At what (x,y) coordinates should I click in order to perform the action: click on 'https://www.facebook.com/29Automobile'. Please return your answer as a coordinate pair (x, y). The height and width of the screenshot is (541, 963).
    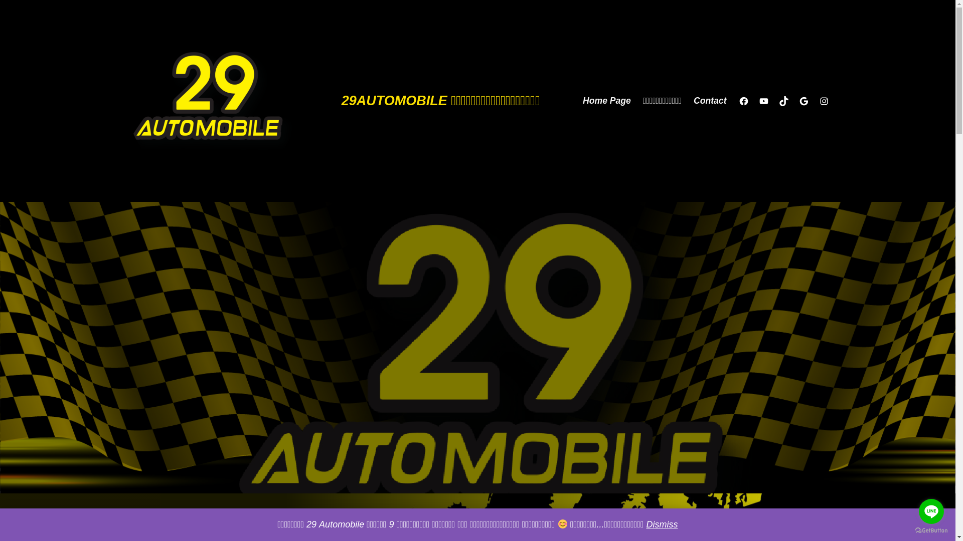
    Looking at the image, I should click on (738, 101).